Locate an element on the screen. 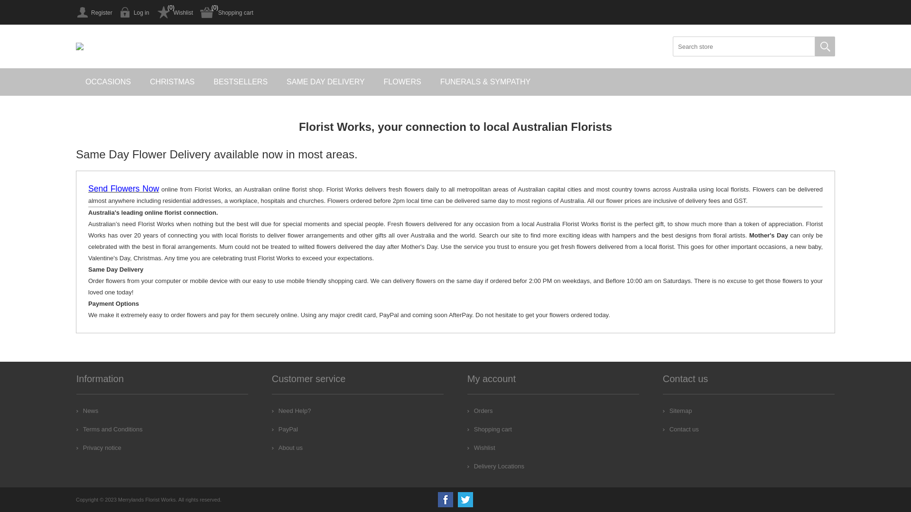  'Terms and Conditions' is located at coordinates (109, 429).